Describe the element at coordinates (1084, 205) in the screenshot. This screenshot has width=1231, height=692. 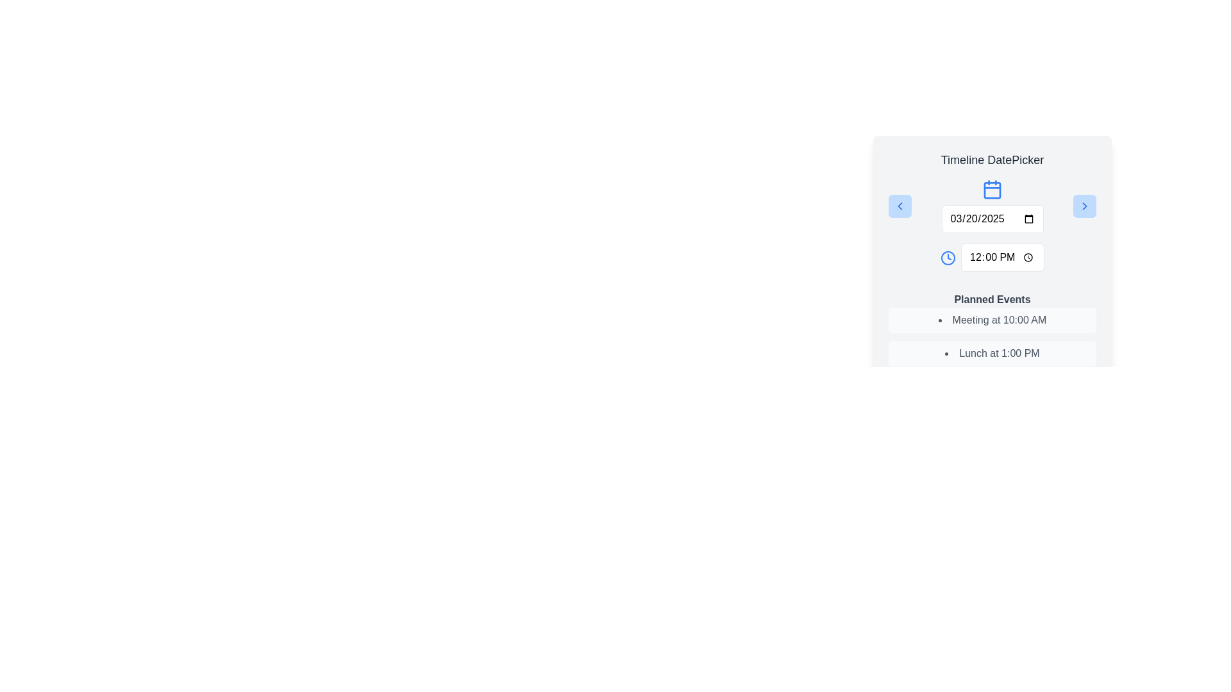
I see `the arrow icon within the navigation button located at the top-right of the central panel to trigger tooltip or visual feedback` at that location.